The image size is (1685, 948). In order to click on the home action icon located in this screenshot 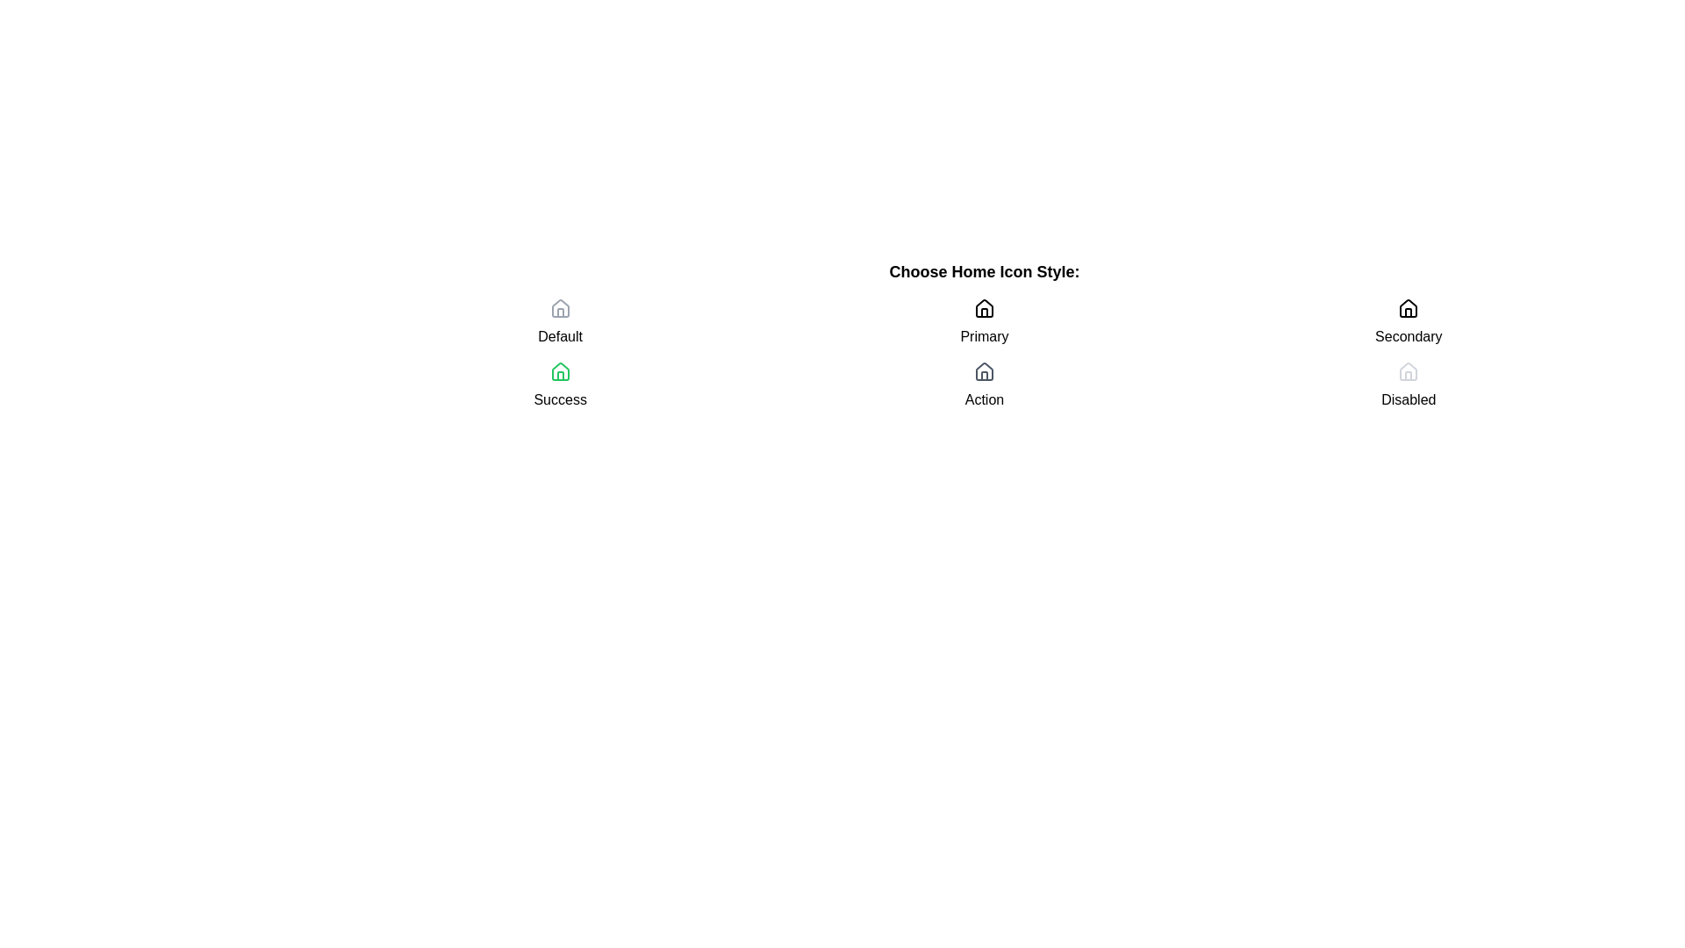, I will do `click(985, 370)`.